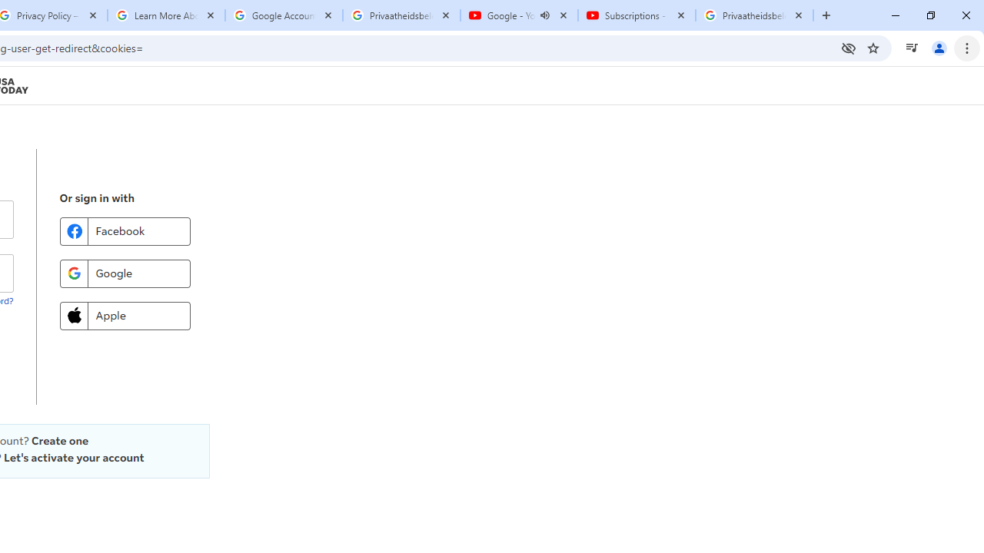 The height and width of the screenshot is (553, 984). I want to click on 'Mute tab', so click(545, 15).